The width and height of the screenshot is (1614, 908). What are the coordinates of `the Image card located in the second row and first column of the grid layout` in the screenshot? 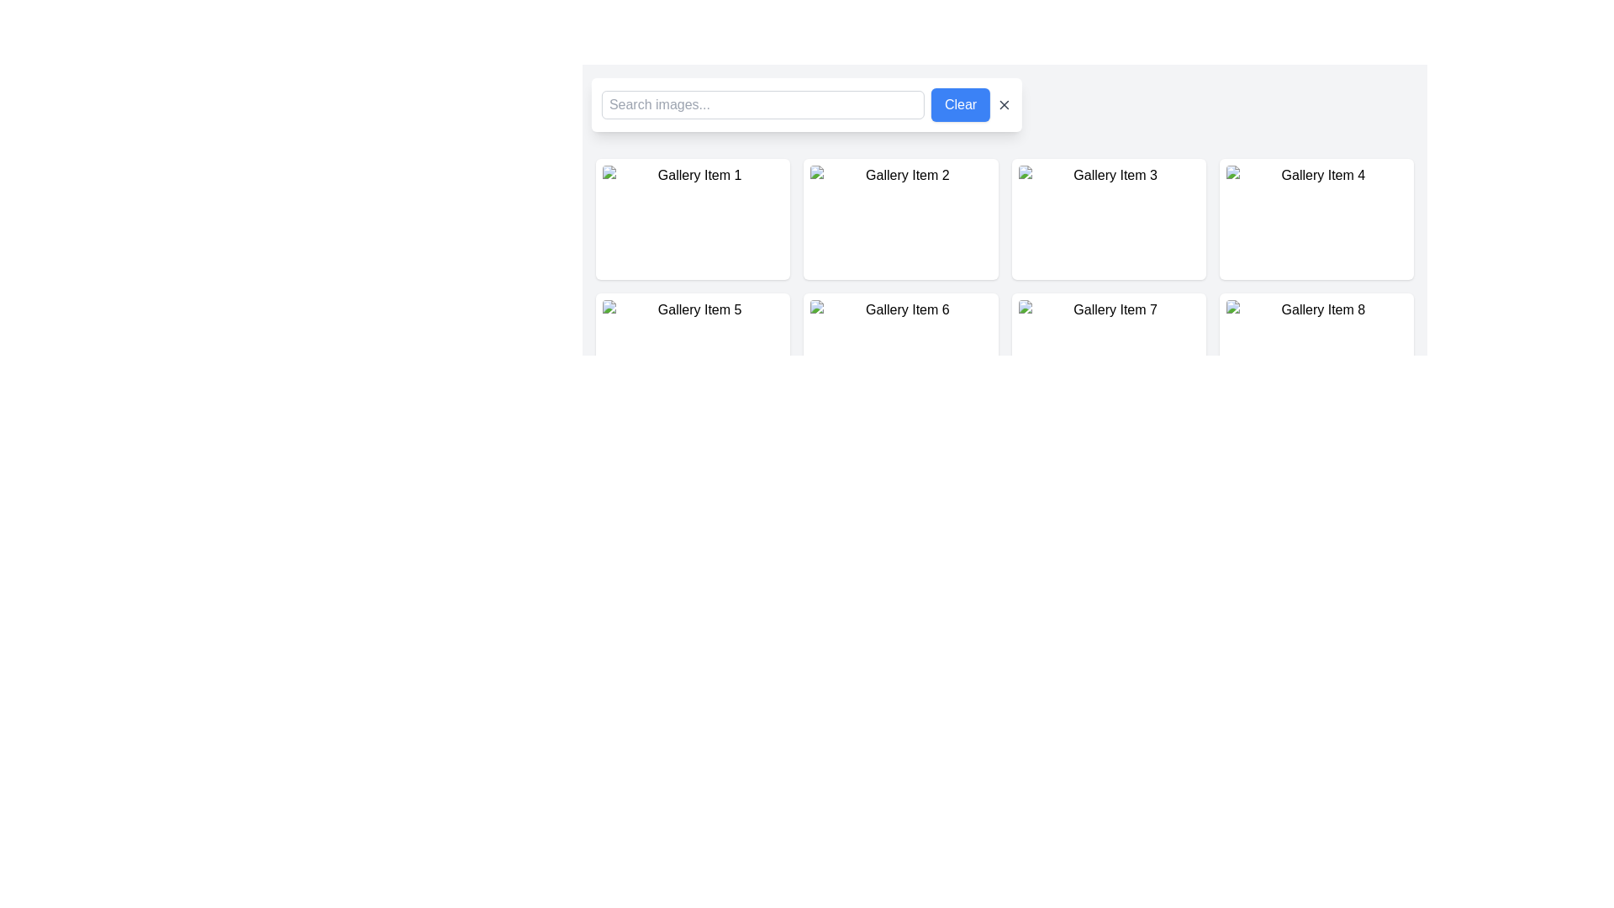 It's located at (693, 352).